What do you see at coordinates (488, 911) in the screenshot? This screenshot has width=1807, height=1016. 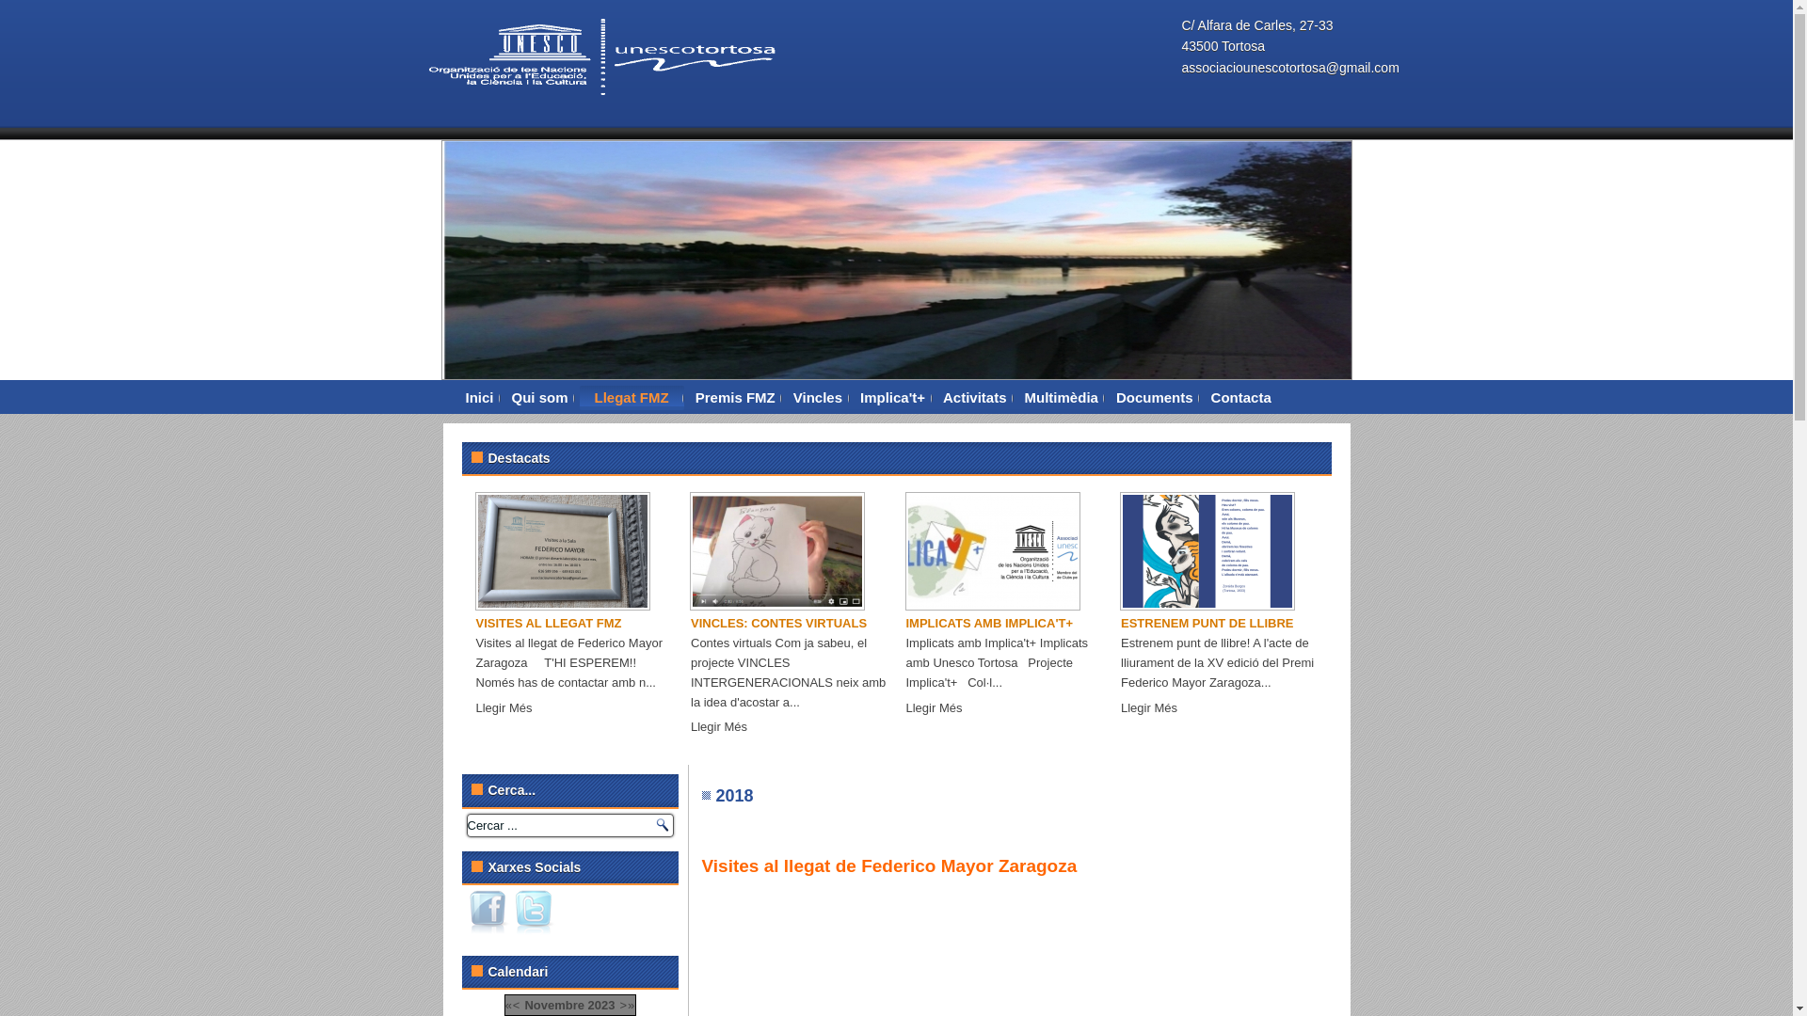 I see `'Facebook'` at bounding box center [488, 911].